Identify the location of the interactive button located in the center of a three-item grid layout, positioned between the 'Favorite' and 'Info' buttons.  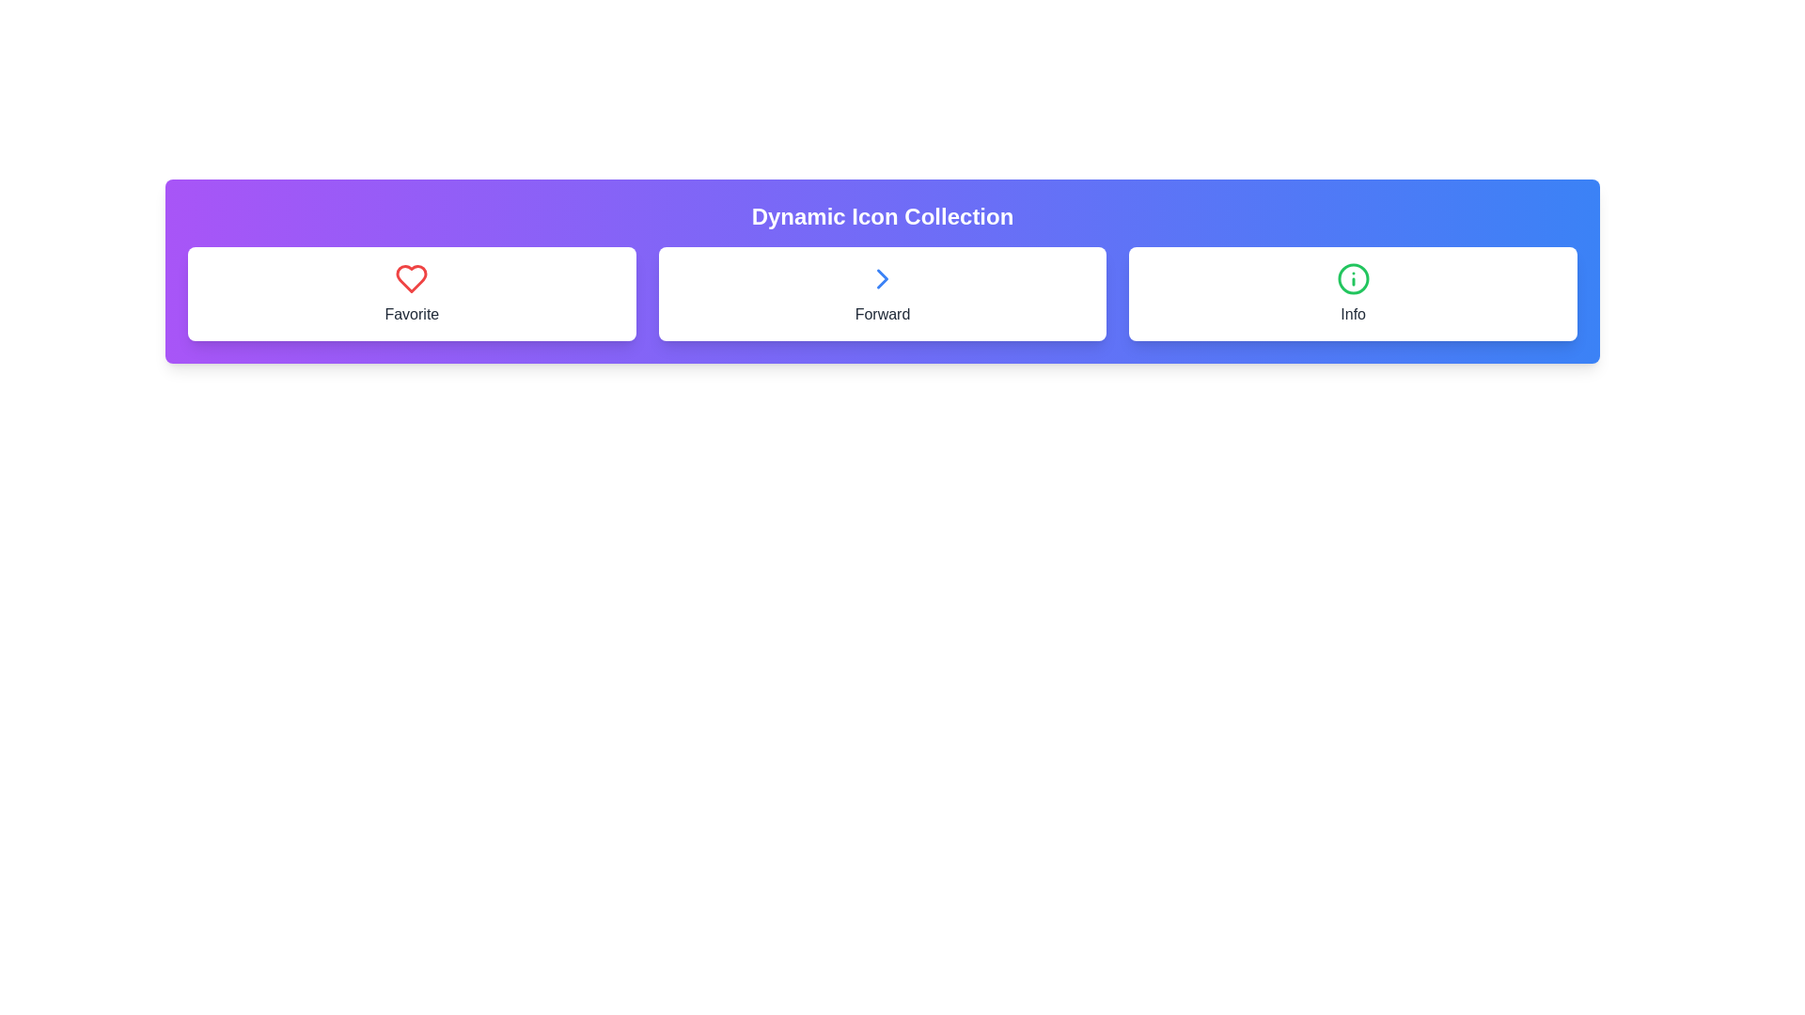
(882, 293).